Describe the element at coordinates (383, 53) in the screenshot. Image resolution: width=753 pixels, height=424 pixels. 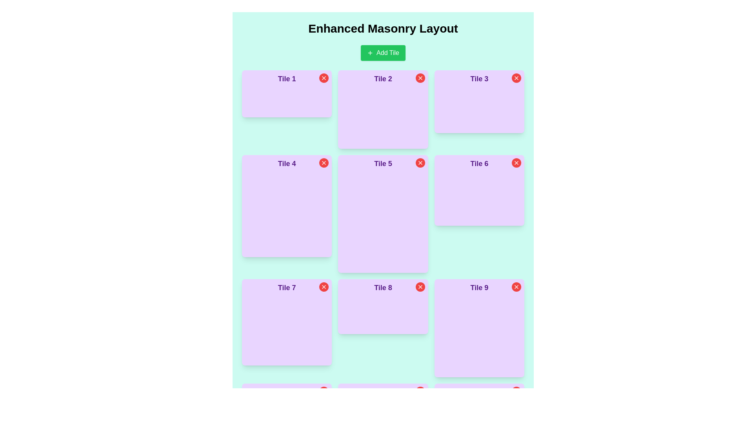
I see `the 'Add Tile' button, which is a rectangular button with a green background and white text, located below the 'Enhanced Masonry Layout' heading` at that location.